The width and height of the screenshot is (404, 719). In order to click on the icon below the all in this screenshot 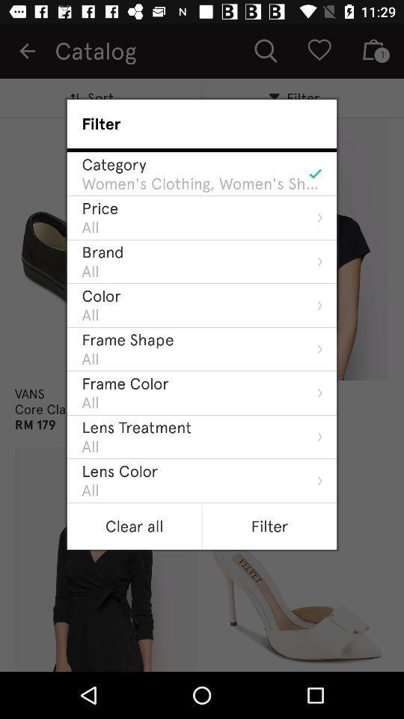, I will do `click(102, 252)`.